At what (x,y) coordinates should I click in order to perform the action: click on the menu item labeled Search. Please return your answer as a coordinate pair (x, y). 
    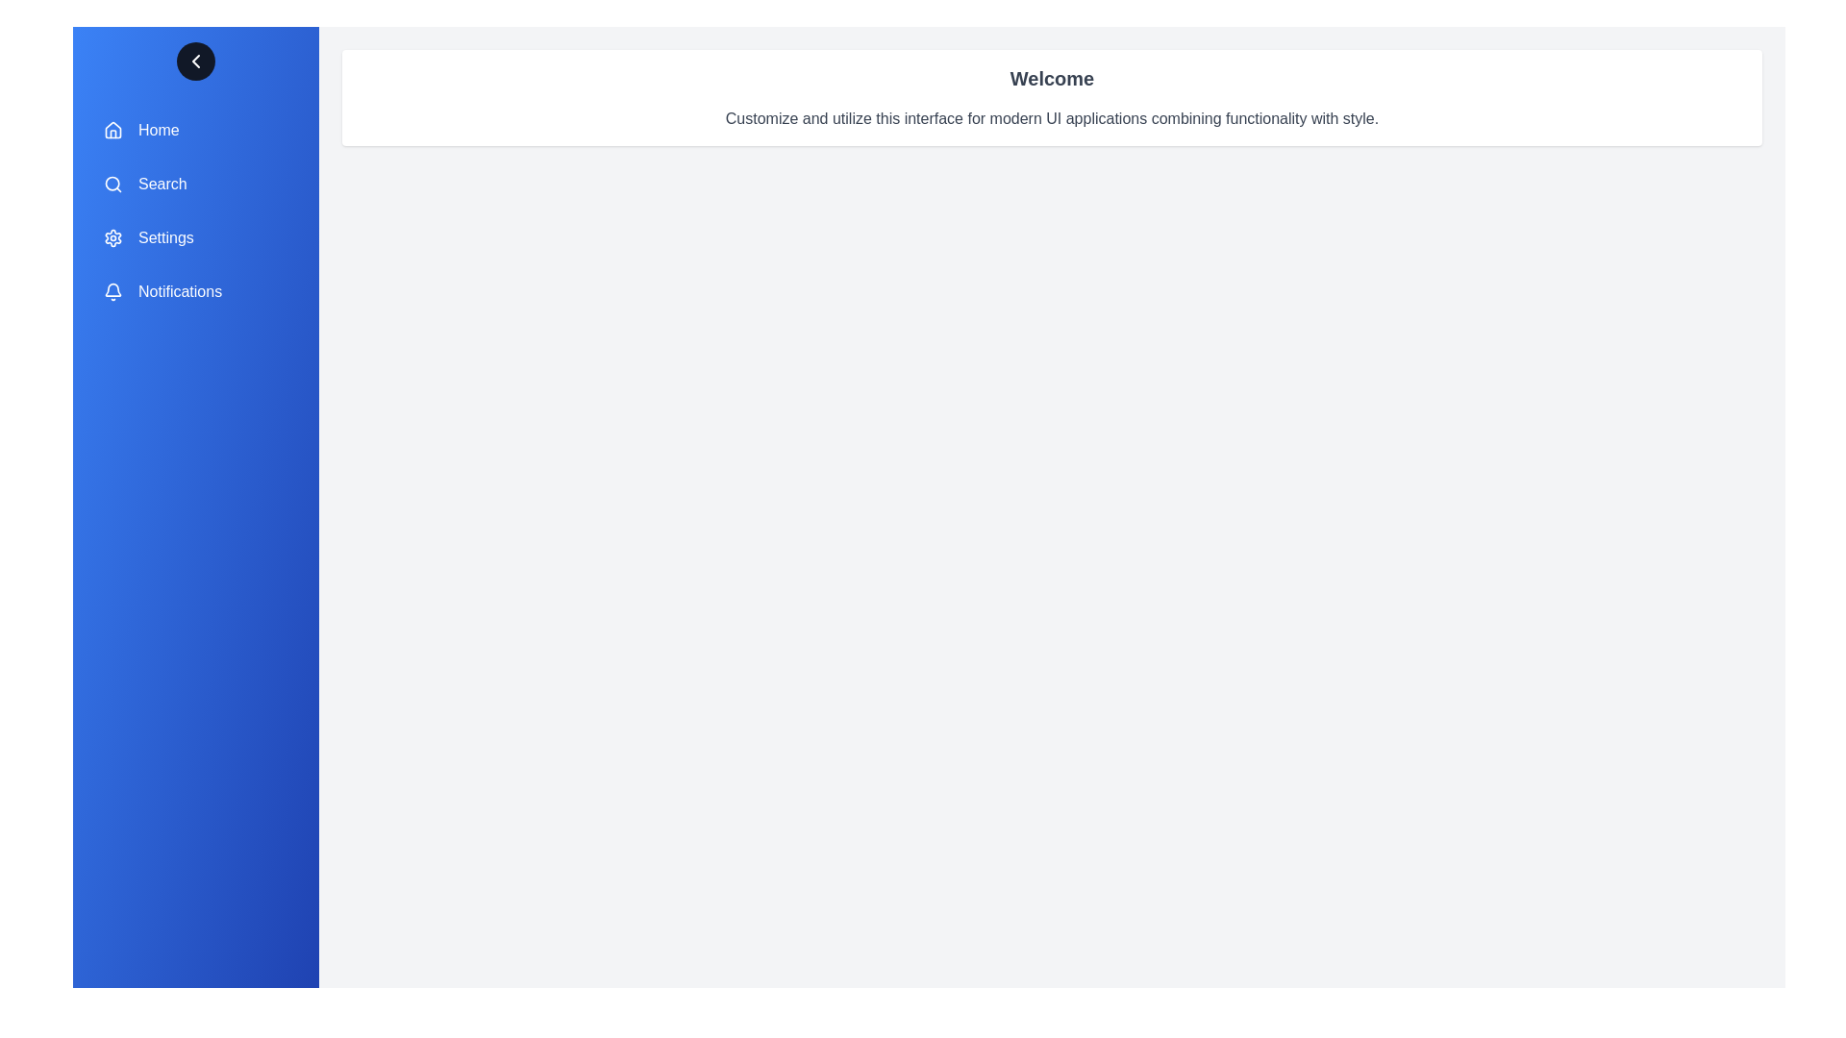
    Looking at the image, I should click on (195, 185).